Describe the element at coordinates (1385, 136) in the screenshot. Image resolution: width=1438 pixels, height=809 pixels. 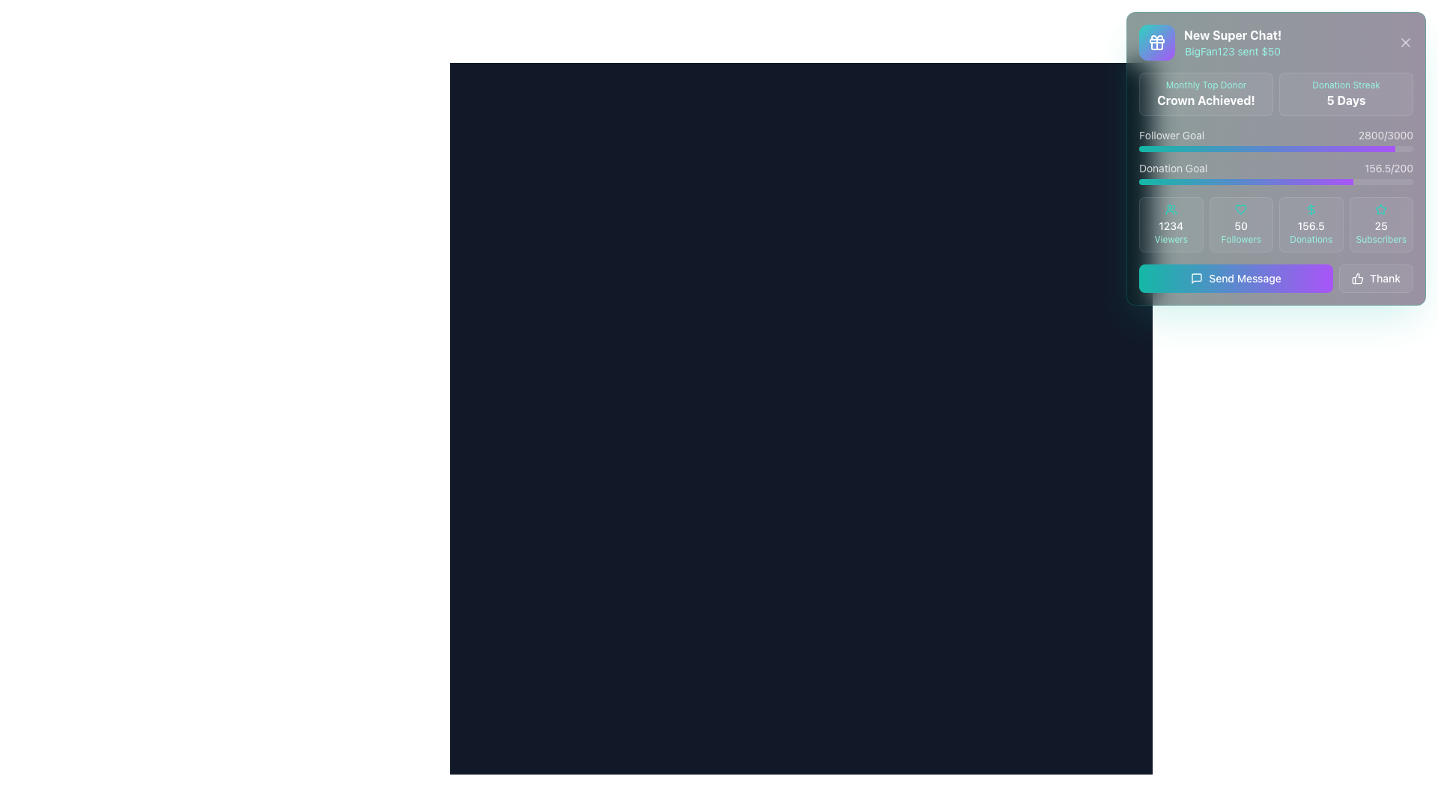
I see `the textual numerical display reading '2800/3000' located in the top right portion of the interface within the 'Follower Goal' panel` at that location.